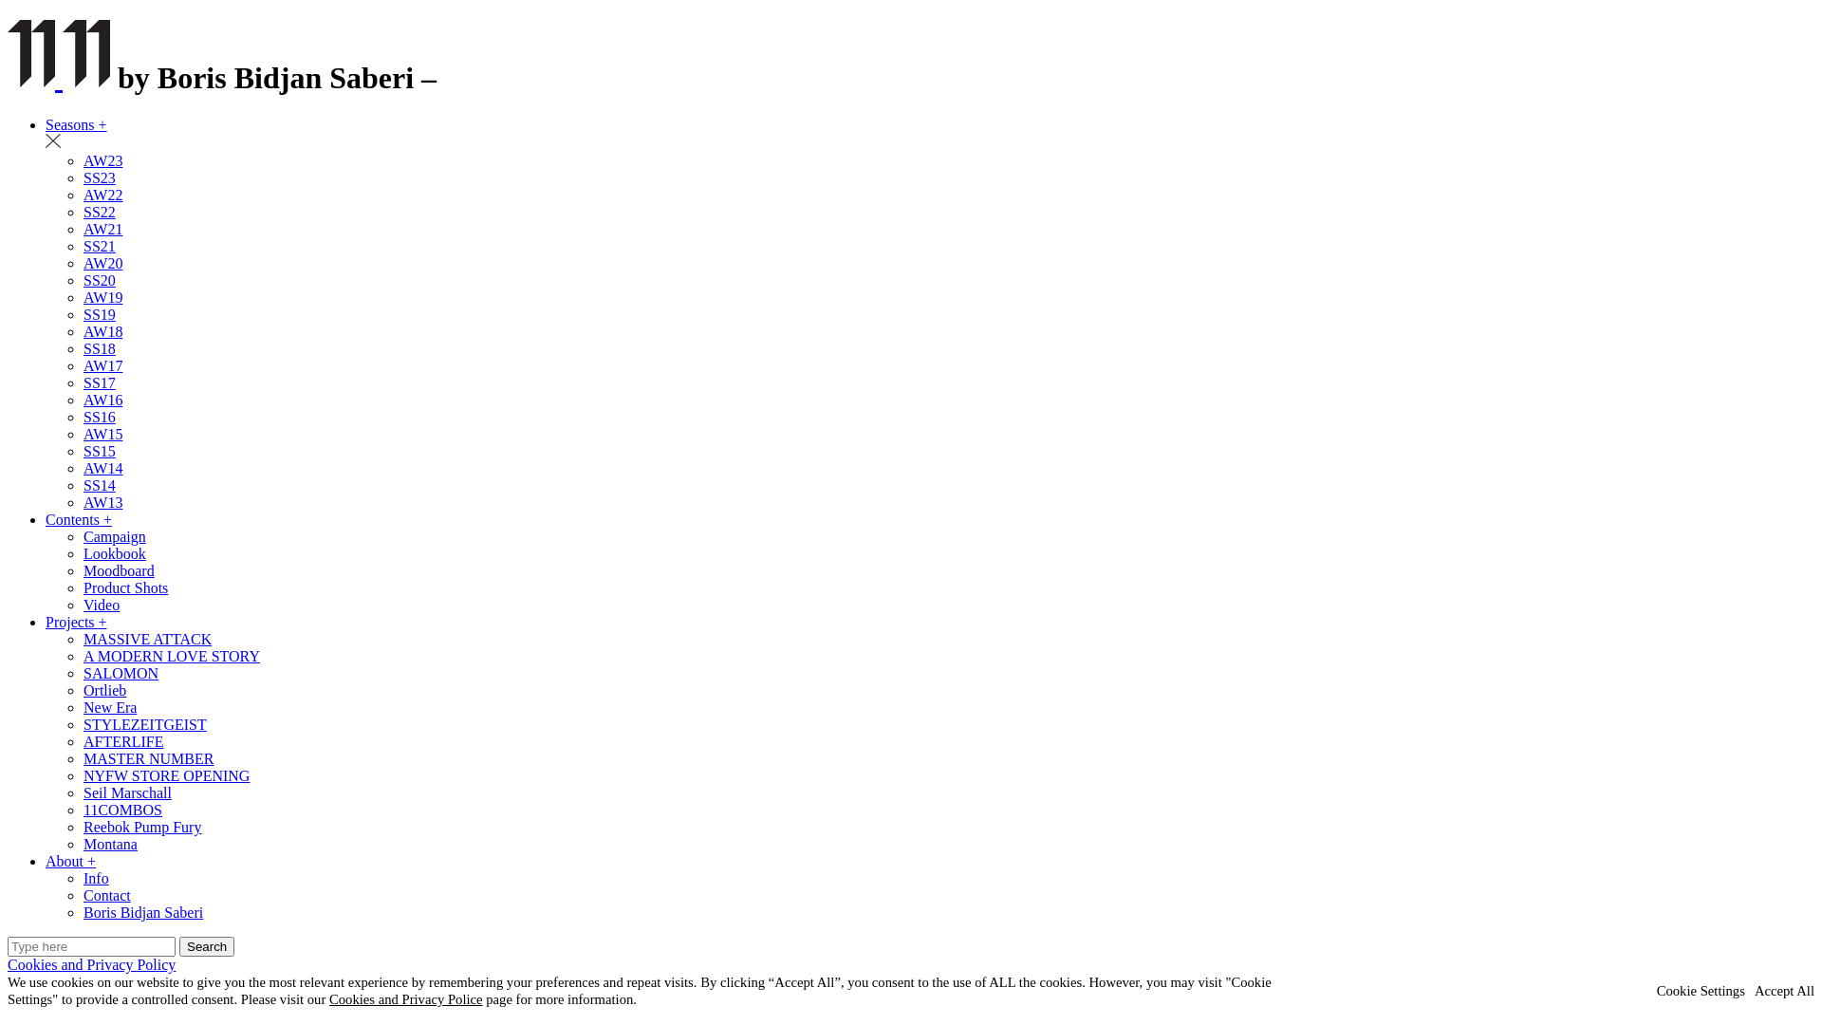 The image size is (1822, 1025). Describe the element at coordinates (99, 177) in the screenshot. I see `'SS23'` at that location.